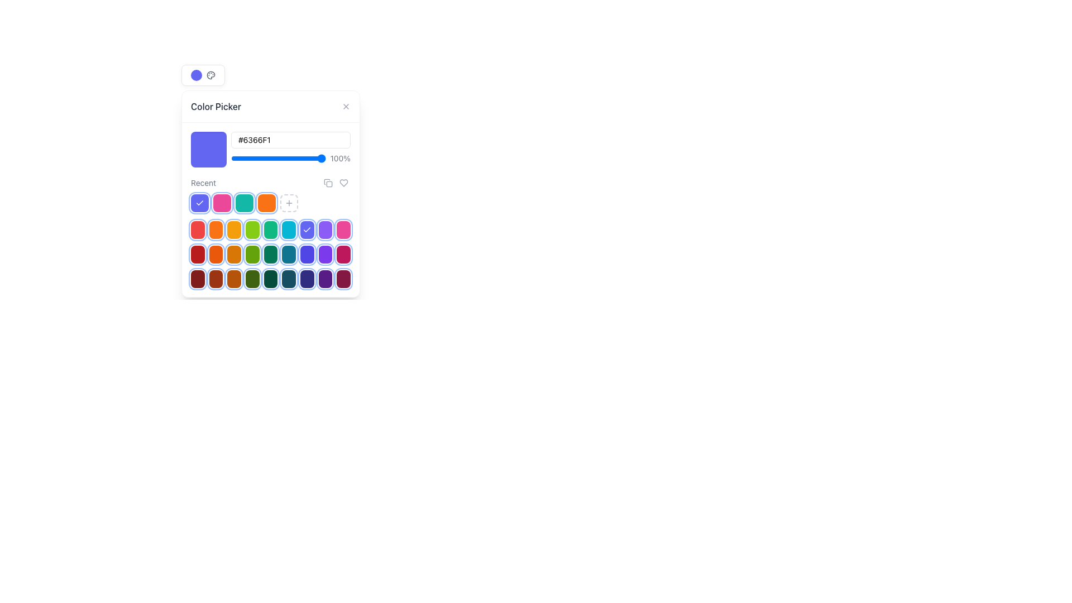 The image size is (1072, 603). I want to click on the icon button located to the right of the color value input field in the color picker interface to copy the associated color code, so click(328, 182).